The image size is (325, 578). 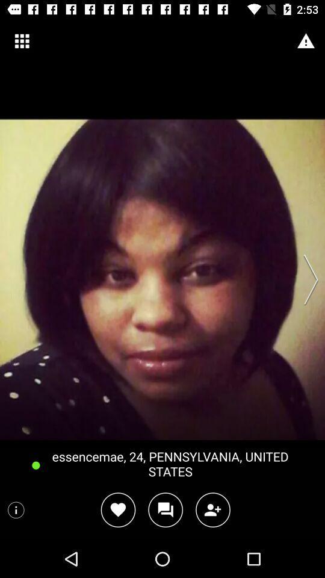 What do you see at coordinates (212, 509) in the screenshot?
I see `the follow icon` at bounding box center [212, 509].